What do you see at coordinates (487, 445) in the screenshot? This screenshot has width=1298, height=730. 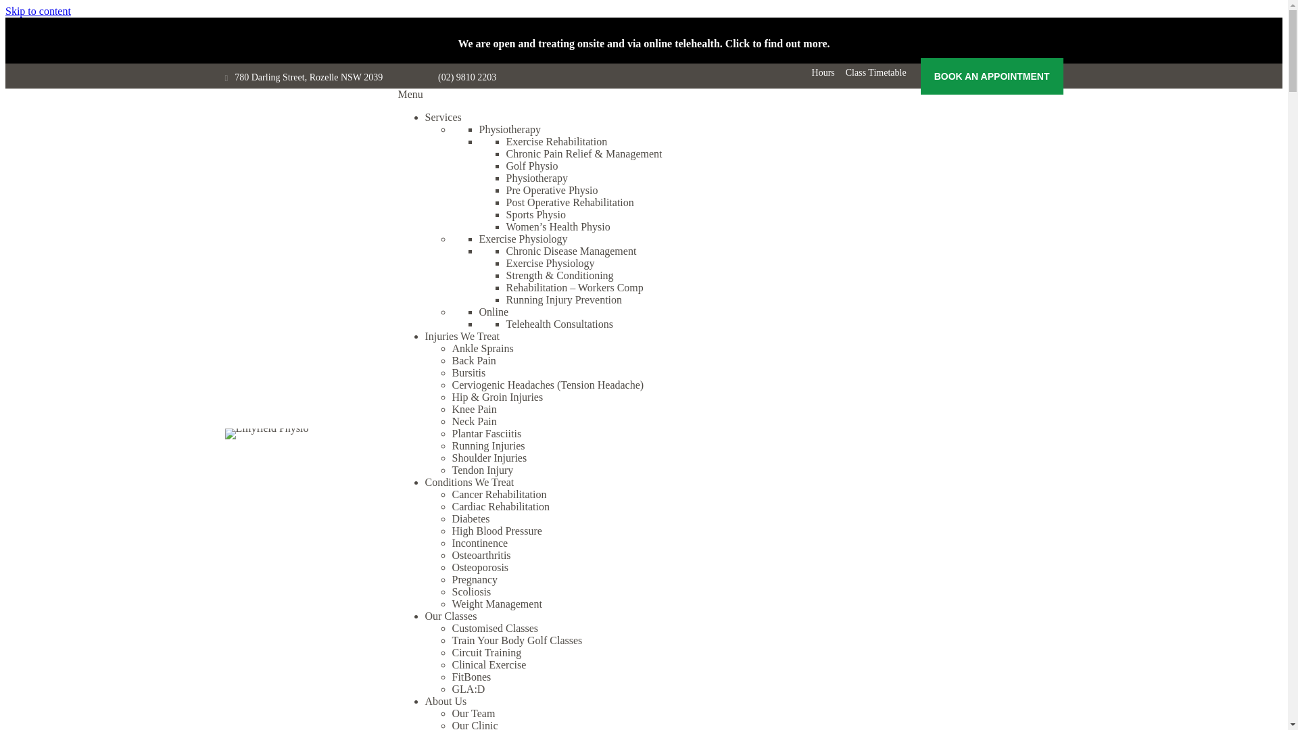 I see `'Running Injuries'` at bounding box center [487, 445].